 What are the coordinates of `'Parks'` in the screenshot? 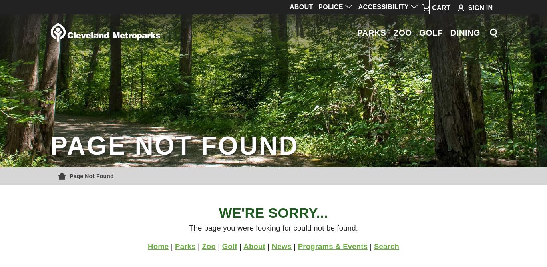 It's located at (185, 245).